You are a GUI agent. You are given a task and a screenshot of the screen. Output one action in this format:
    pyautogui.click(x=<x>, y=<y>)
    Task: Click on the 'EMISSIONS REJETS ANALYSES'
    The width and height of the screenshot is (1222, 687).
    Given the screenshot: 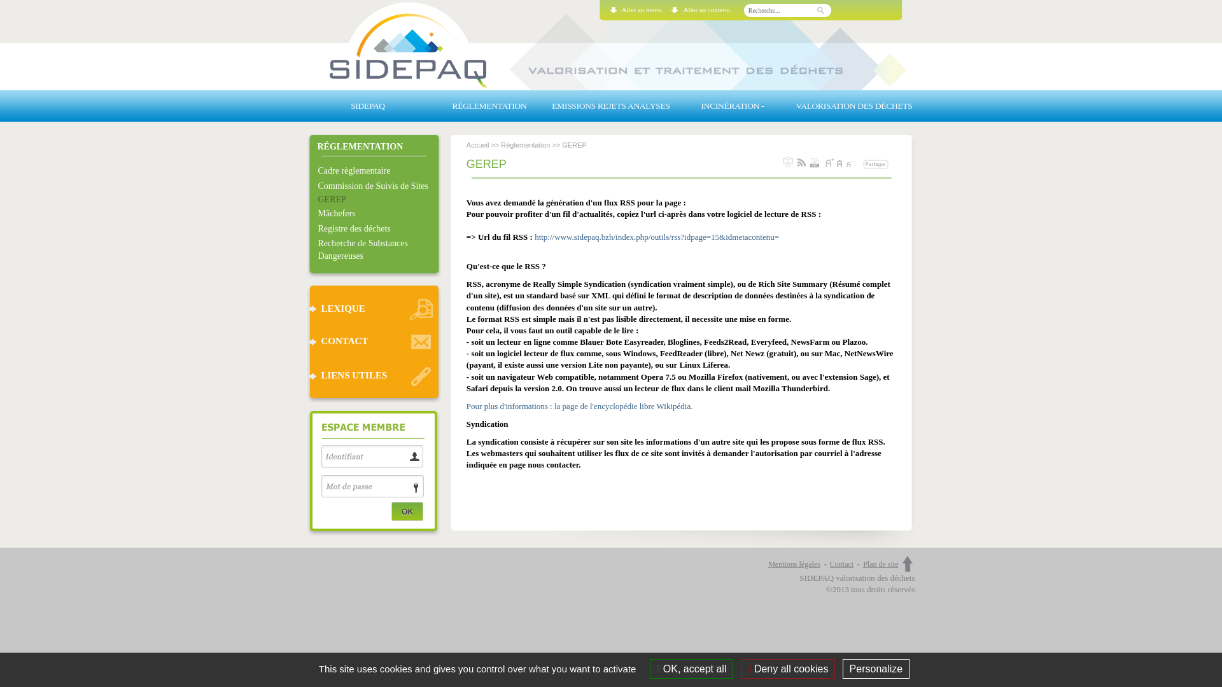 What is the action you would take?
    pyautogui.click(x=610, y=105)
    